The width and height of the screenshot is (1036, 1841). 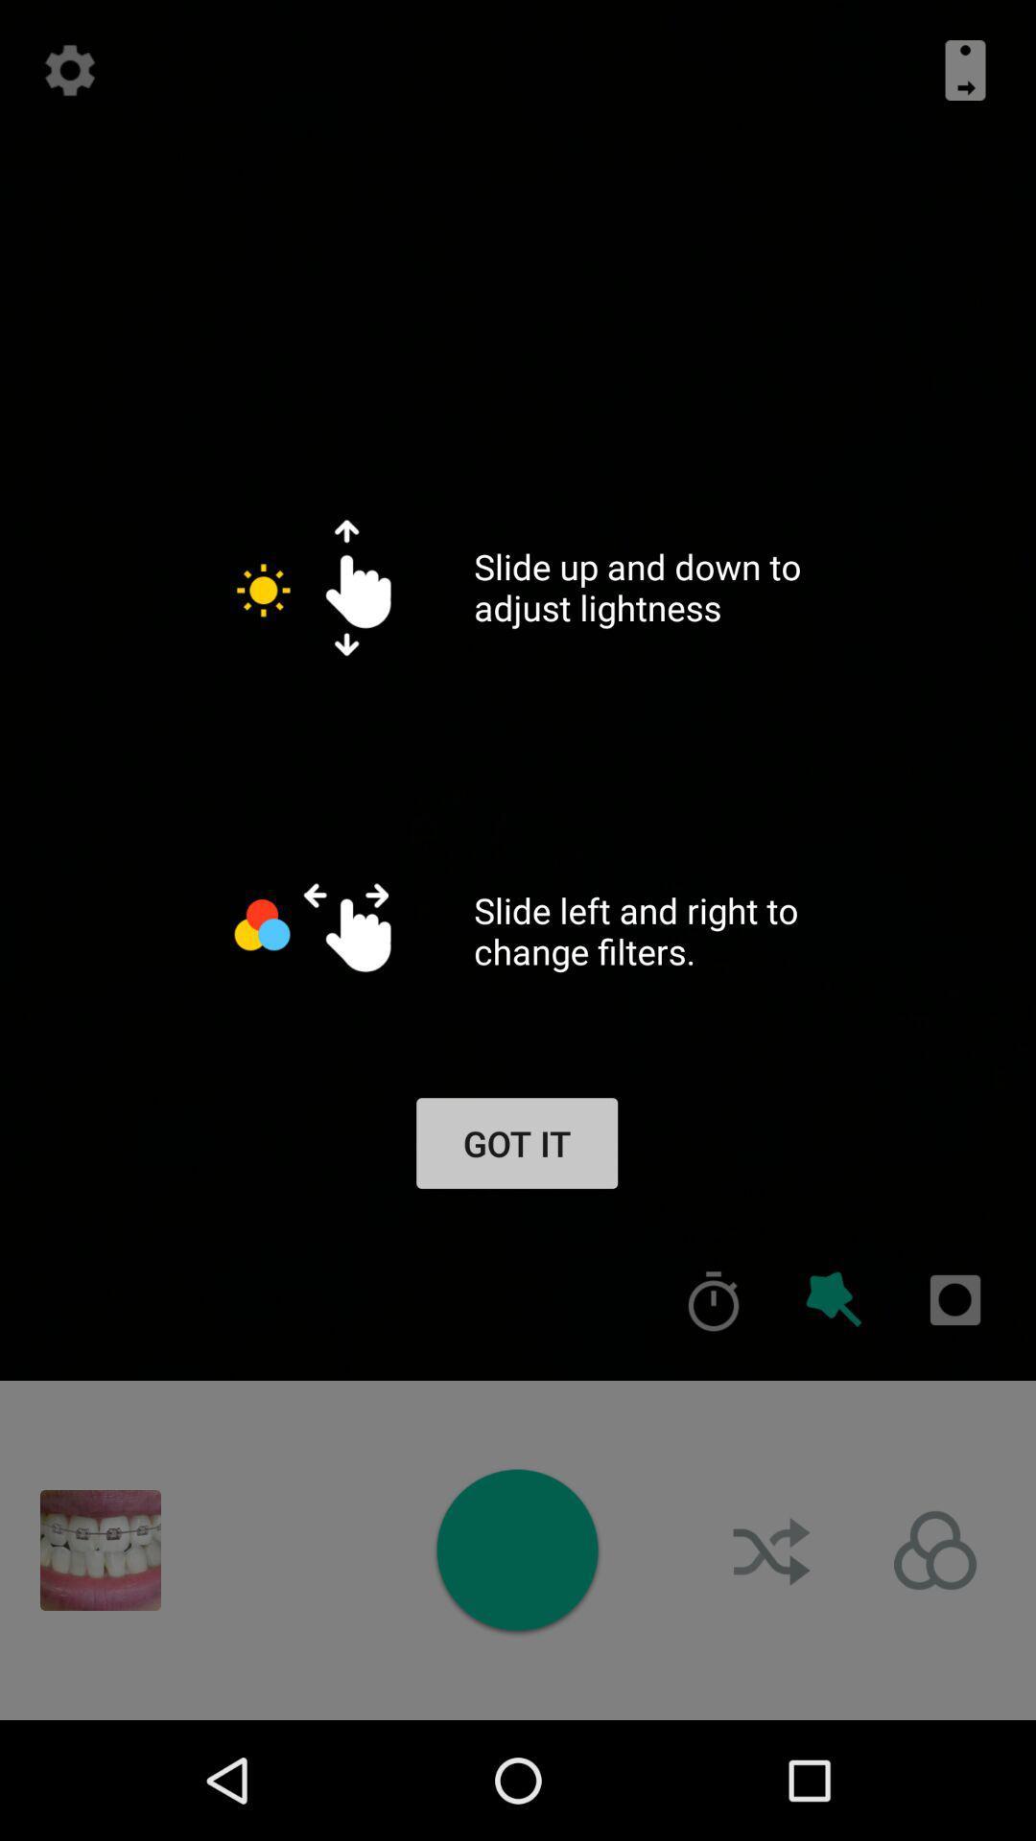 I want to click on the icon at the top right corner, so click(x=965, y=70).